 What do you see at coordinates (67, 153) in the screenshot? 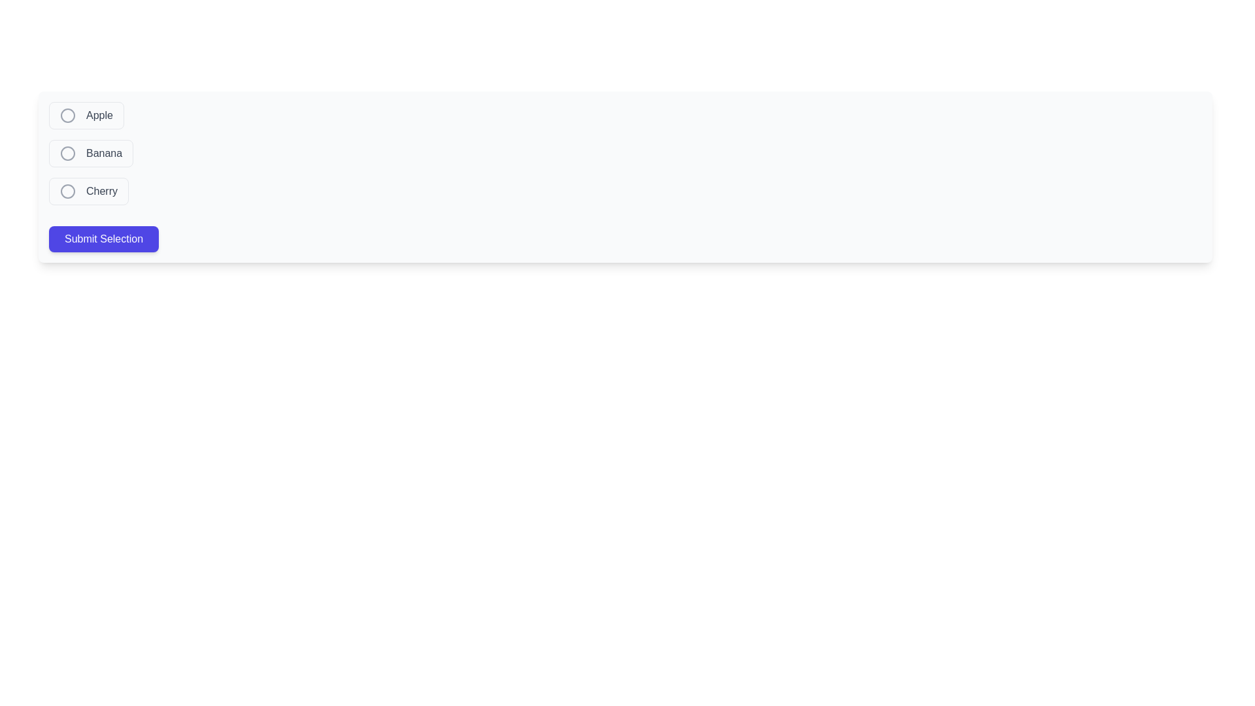
I see `the 'Banana' radio button using keyboard controls to select it` at bounding box center [67, 153].